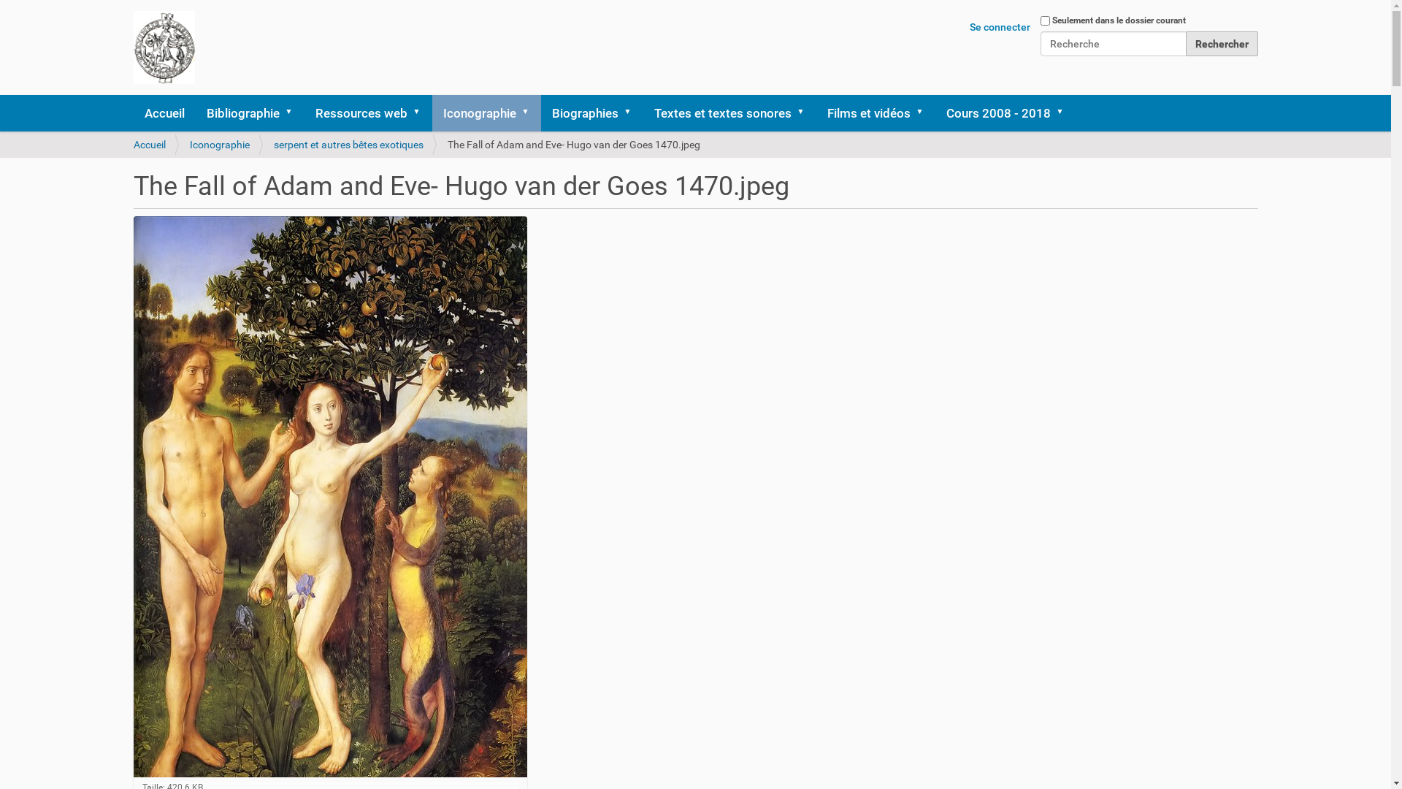  Describe the element at coordinates (999, 27) in the screenshot. I see `'Se connecter'` at that location.